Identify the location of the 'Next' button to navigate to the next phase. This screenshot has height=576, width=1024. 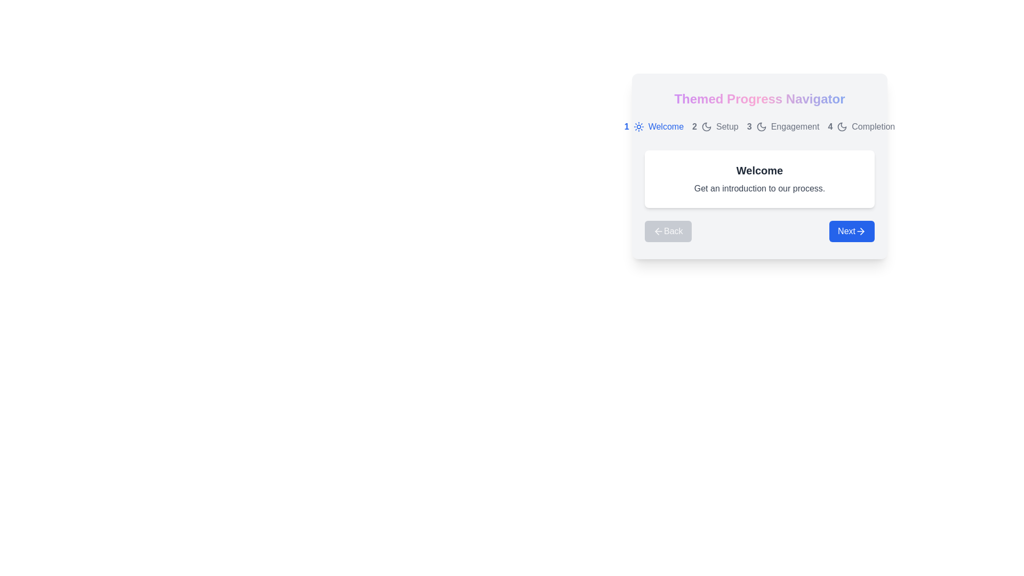
(851, 231).